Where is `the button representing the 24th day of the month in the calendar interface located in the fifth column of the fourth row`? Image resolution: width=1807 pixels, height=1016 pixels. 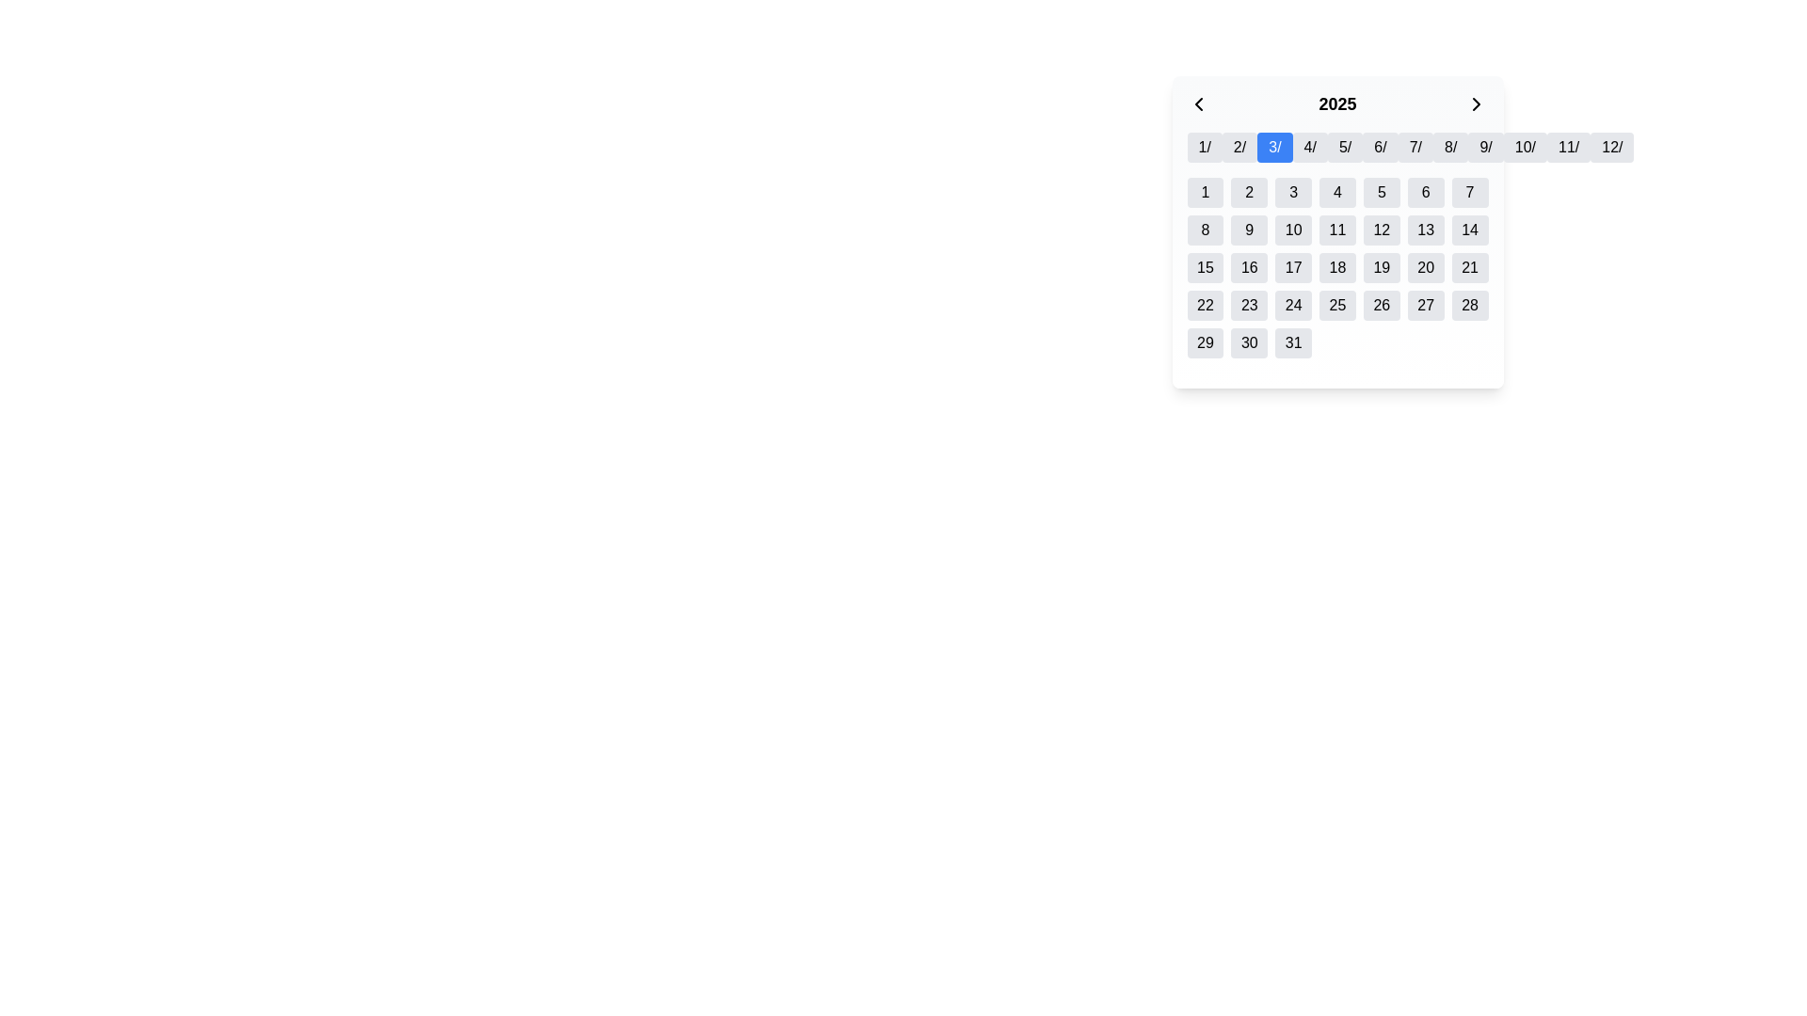 the button representing the 24th day of the month in the calendar interface located in the fifth column of the fourth row is located at coordinates (1291, 304).